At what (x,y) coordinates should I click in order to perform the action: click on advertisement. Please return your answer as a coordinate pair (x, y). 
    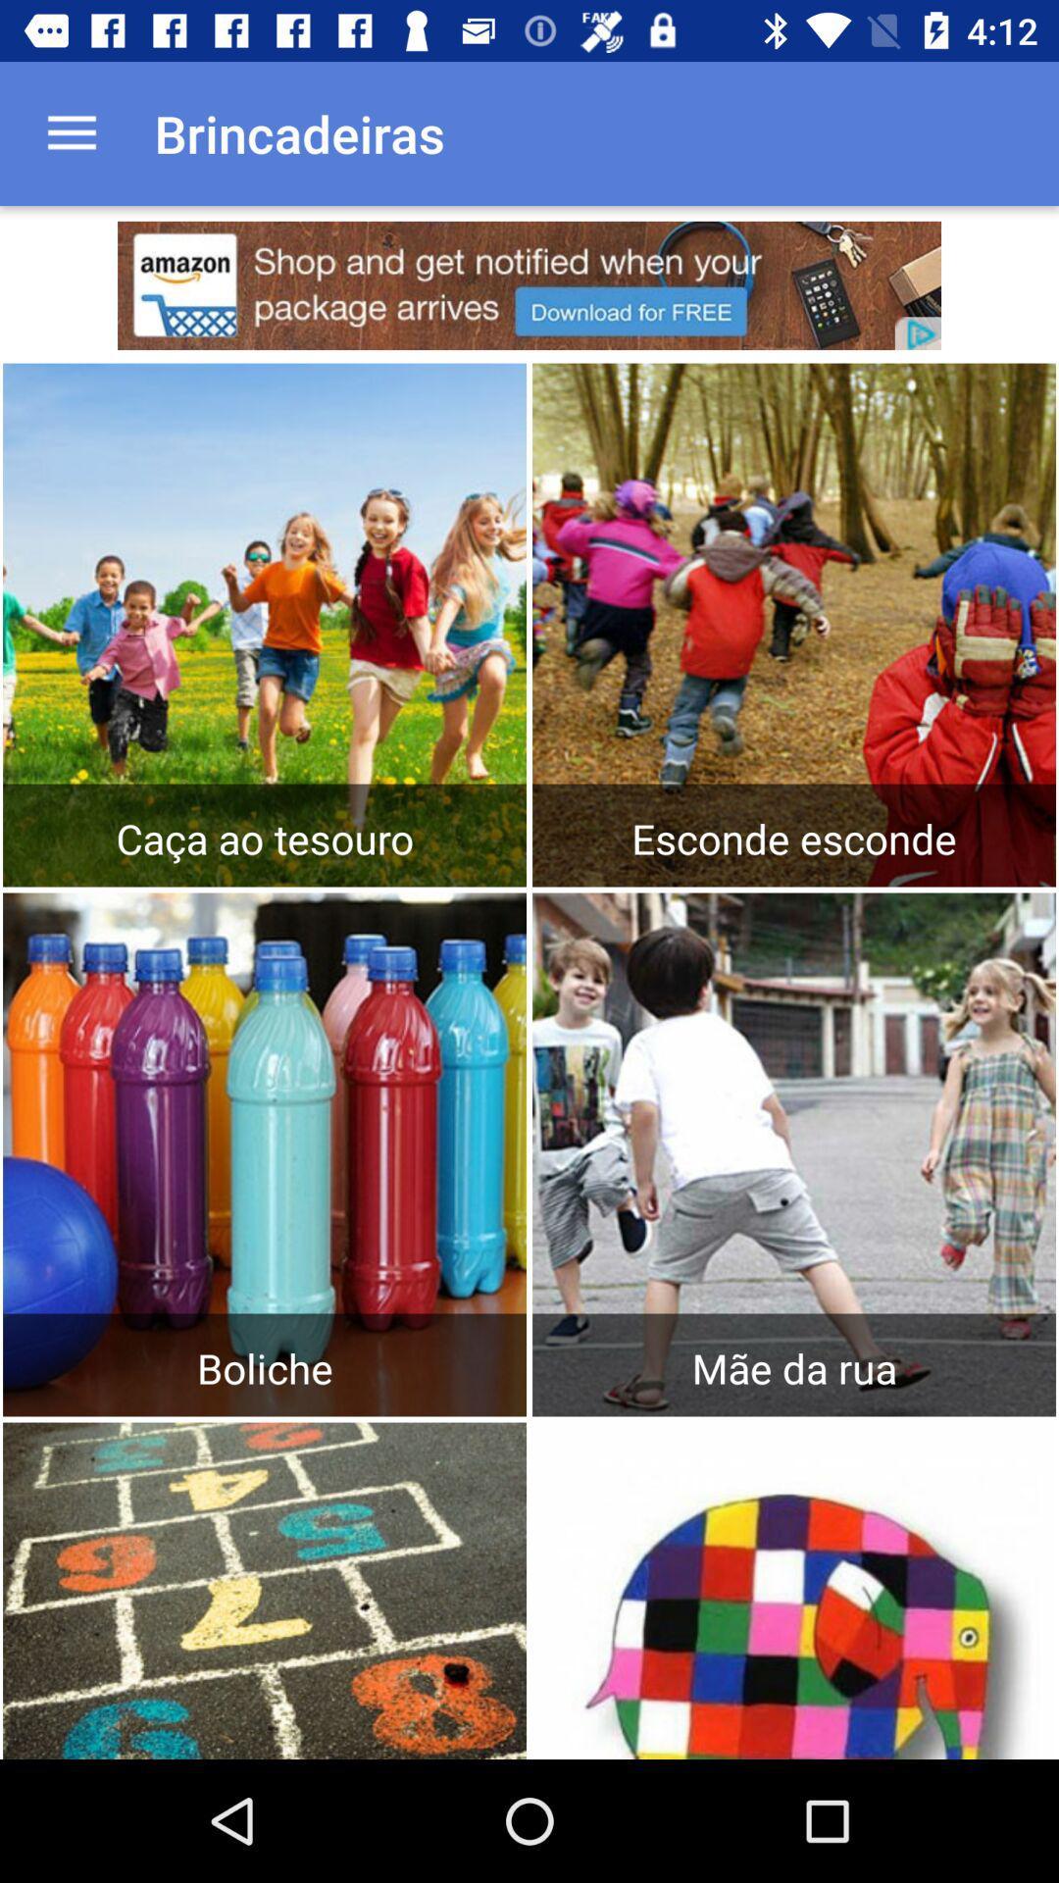
    Looking at the image, I should click on (529, 284).